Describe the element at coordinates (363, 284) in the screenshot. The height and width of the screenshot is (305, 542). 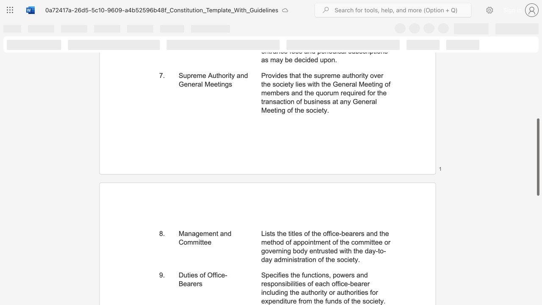
I see `the subset text "er including the authority or auth" within the text "Specifies the functions, powers and responsibilities of each office-bearer including the authority or authorities for expenditure from the funds of the society."` at that location.